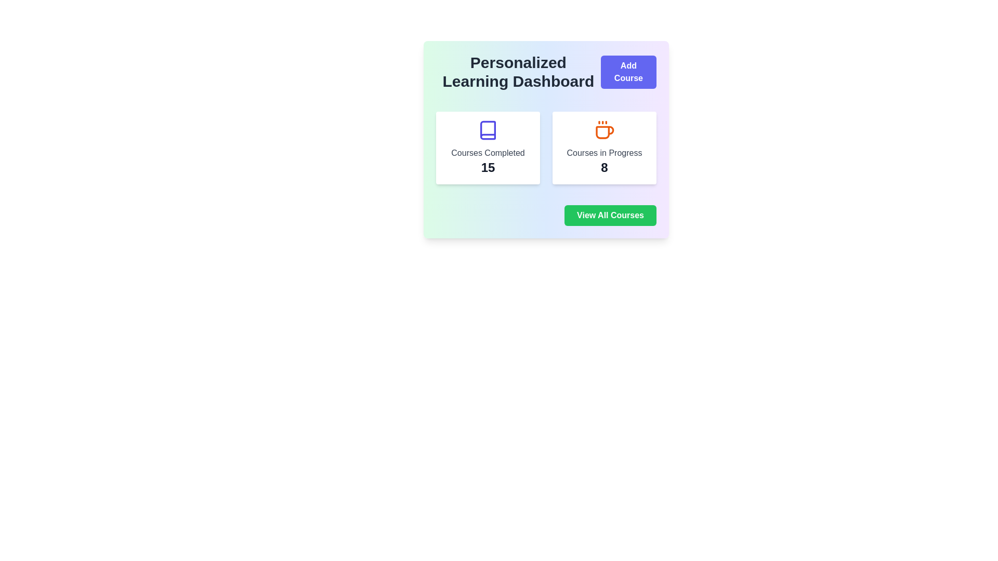 The height and width of the screenshot is (561, 998). What do you see at coordinates (546, 215) in the screenshot?
I see `the button located at the bottom right of the 'Personalized Learning Dashboard' section` at bounding box center [546, 215].